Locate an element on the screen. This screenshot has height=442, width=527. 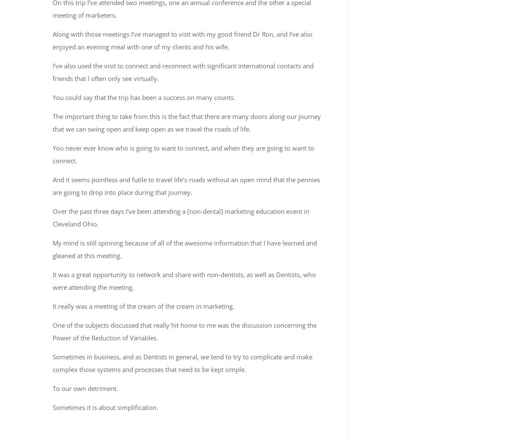
'It really was a meeting of the cream of the cream in marketing.' is located at coordinates (143, 305).